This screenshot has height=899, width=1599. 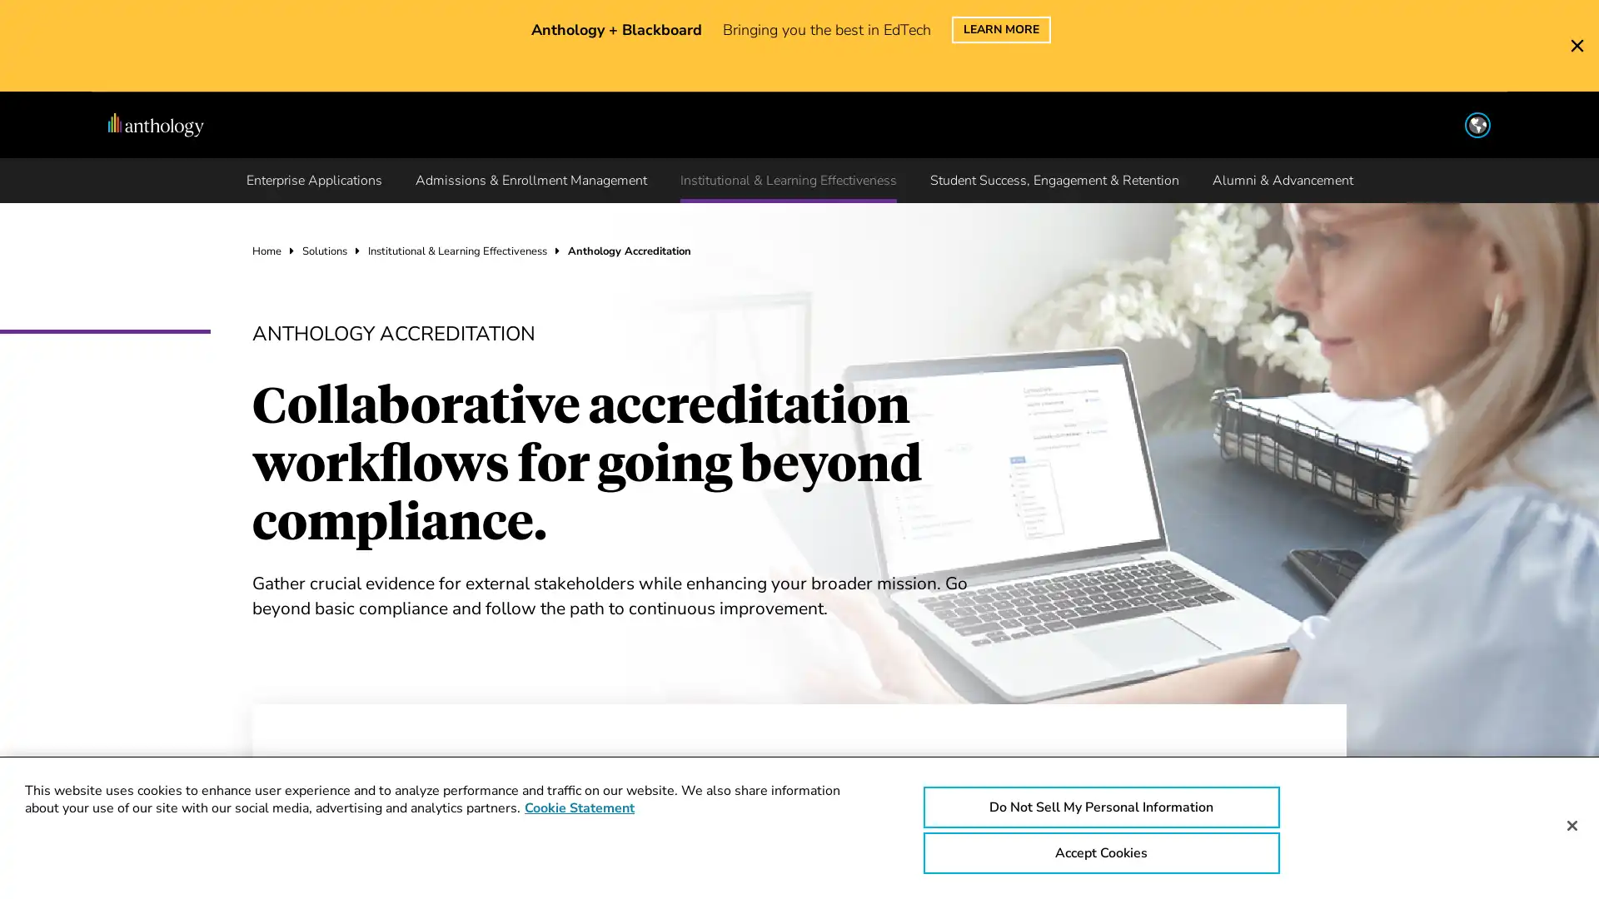 I want to click on Close, so click(x=1571, y=825).